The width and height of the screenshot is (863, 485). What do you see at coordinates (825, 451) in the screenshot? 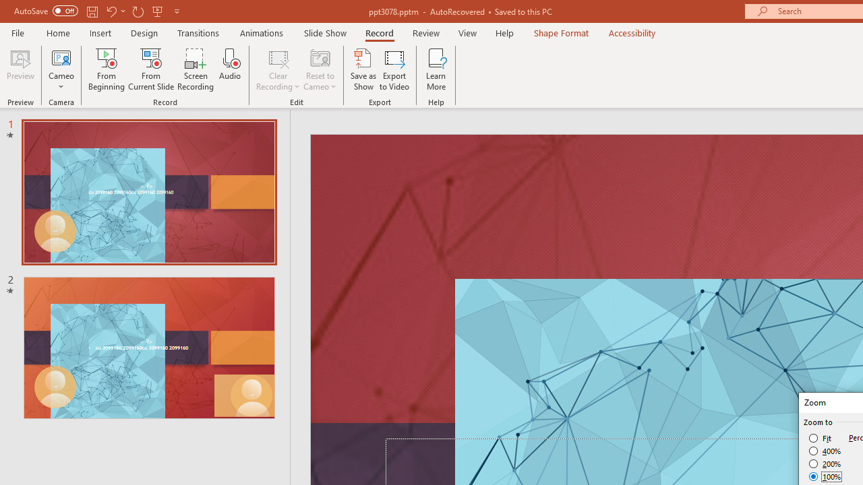
I see `'400%'` at bounding box center [825, 451].